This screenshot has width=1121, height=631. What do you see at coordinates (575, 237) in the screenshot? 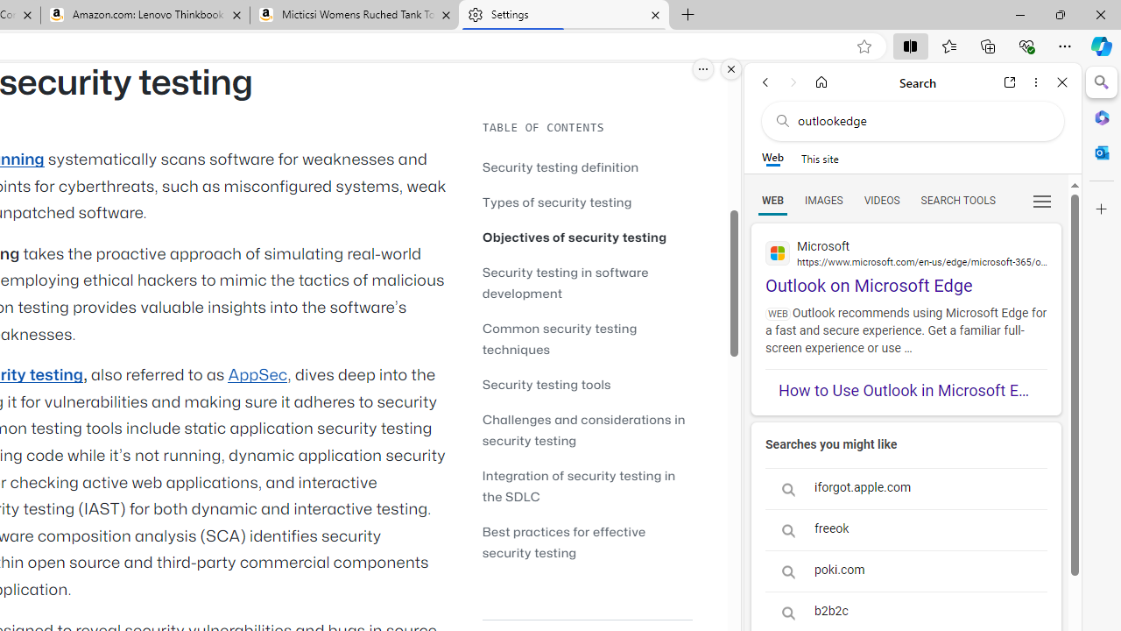
I see `'Objectives of security testing'` at bounding box center [575, 237].